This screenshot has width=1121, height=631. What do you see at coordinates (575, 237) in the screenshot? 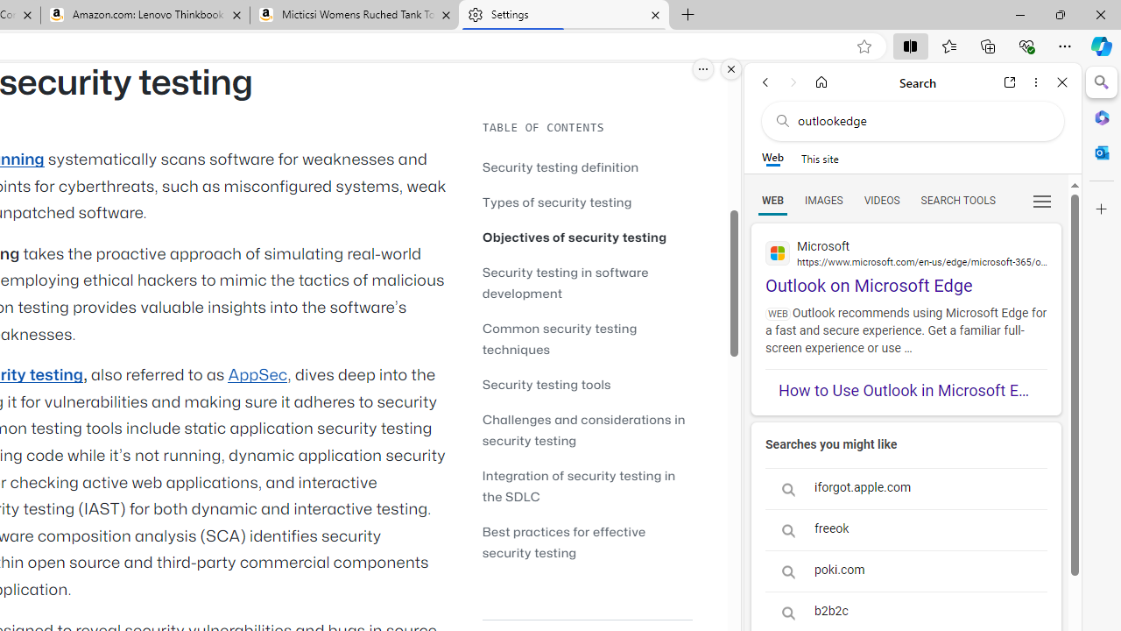
I see `'Objectives of security testing'` at bounding box center [575, 237].